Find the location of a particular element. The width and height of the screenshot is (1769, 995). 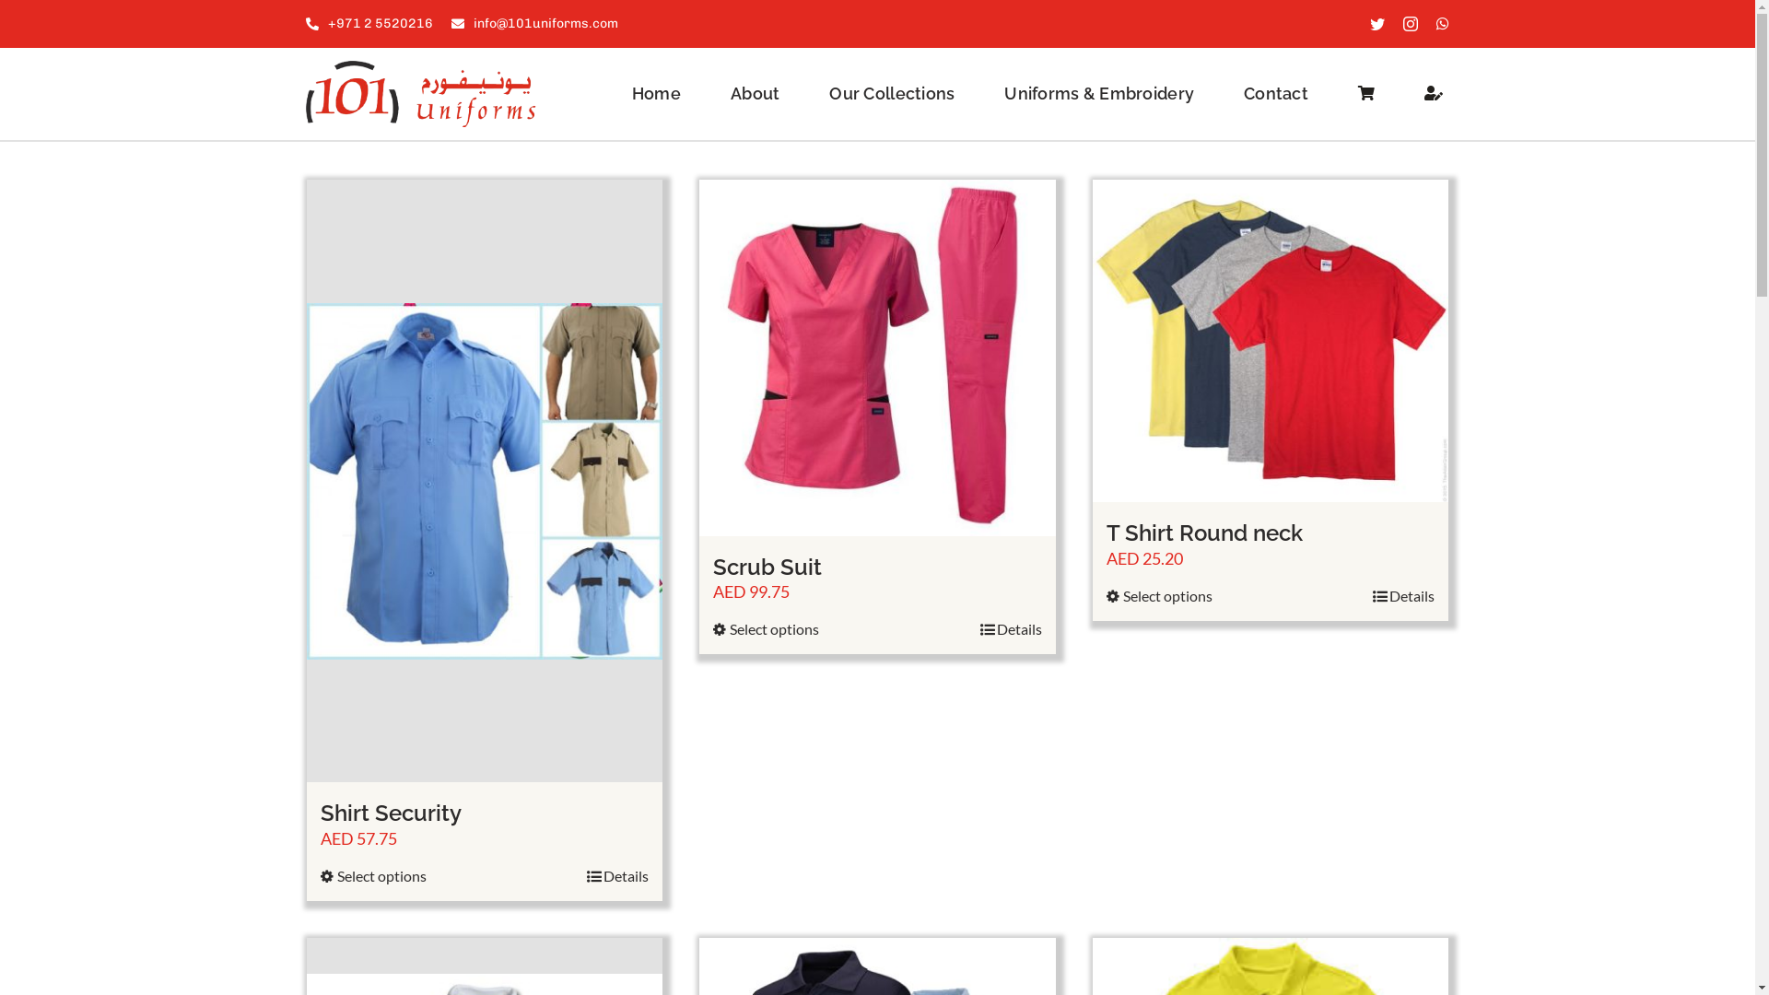

'Details' is located at coordinates (617, 875).